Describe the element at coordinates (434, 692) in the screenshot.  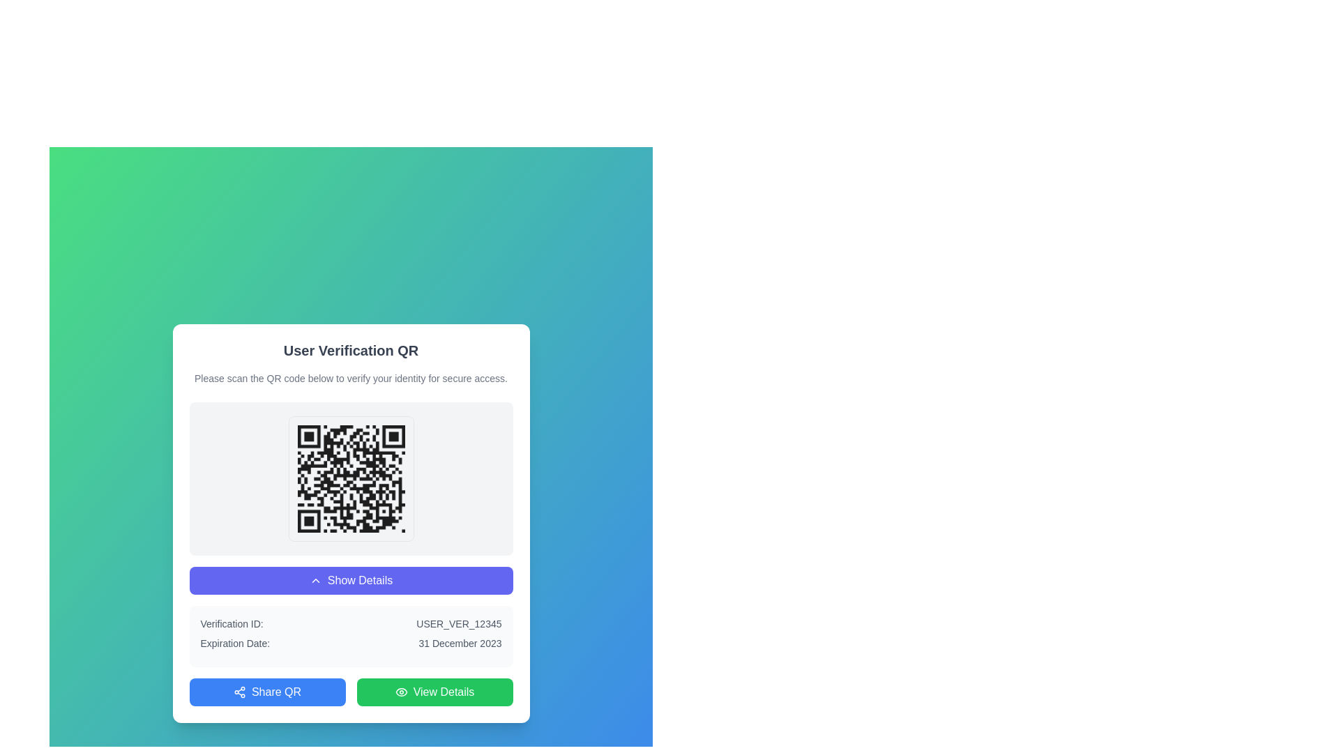
I see `the button located to the right of the 'Share QR' button` at that location.